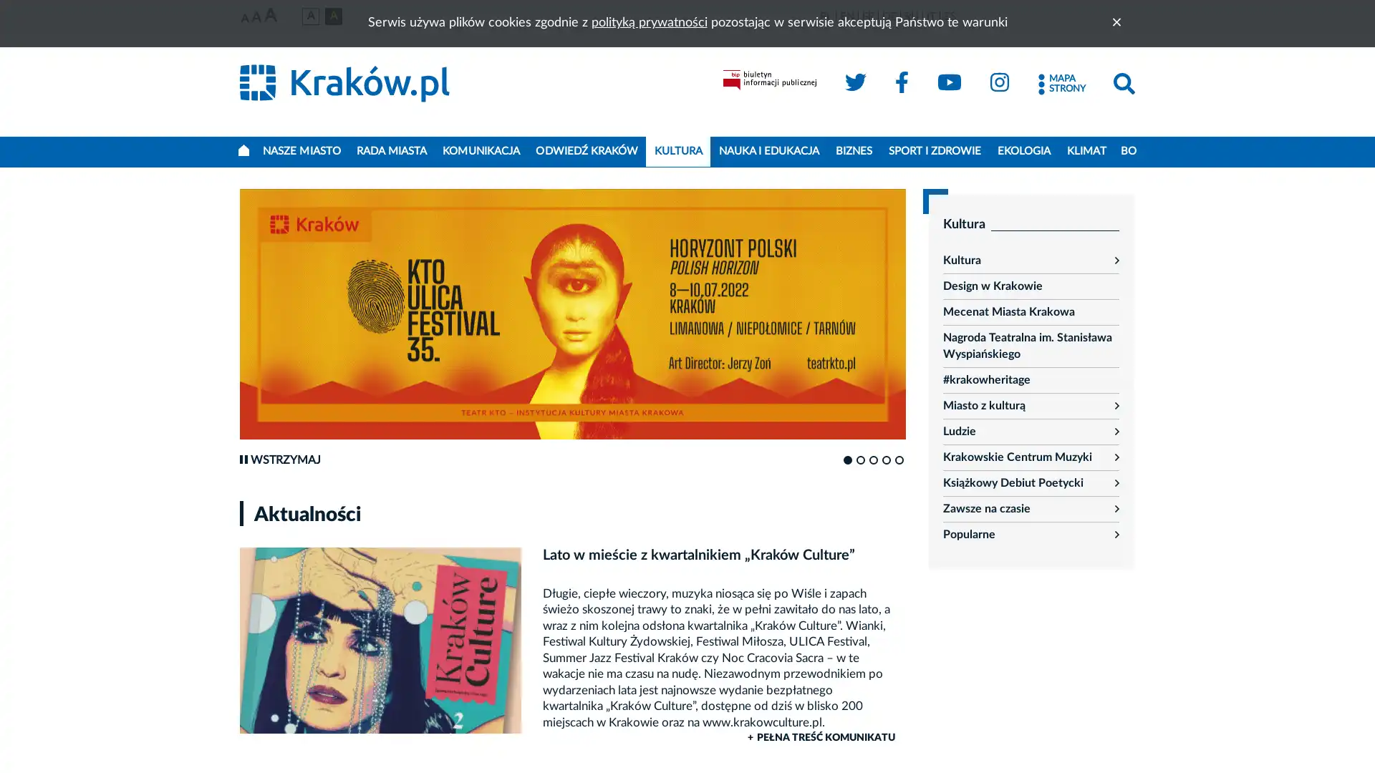 This screenshot has height=773, width=1375. What do you see at coordinates (886, 460) in the screenshot?
I see `Go to slide 4` at bounding box center [886, 460].